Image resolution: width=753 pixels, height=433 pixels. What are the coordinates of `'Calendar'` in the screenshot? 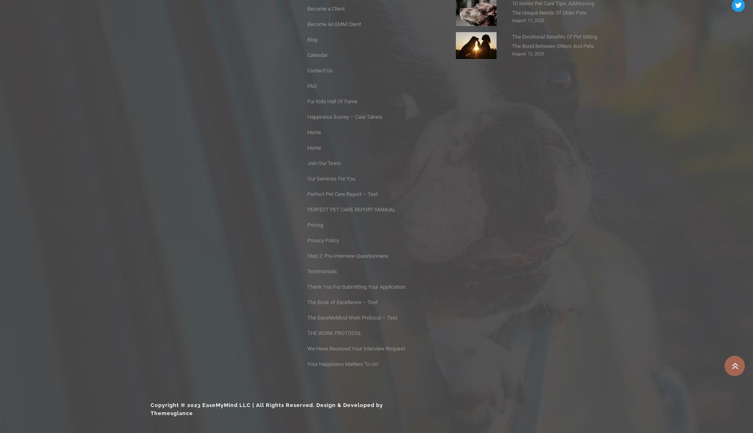 It's located at (317, 54).